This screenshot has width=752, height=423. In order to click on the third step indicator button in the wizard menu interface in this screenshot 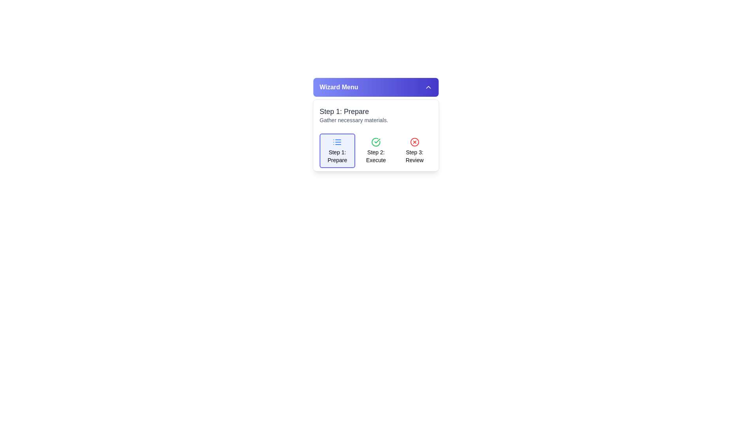, I will do `click(414, 156)`.